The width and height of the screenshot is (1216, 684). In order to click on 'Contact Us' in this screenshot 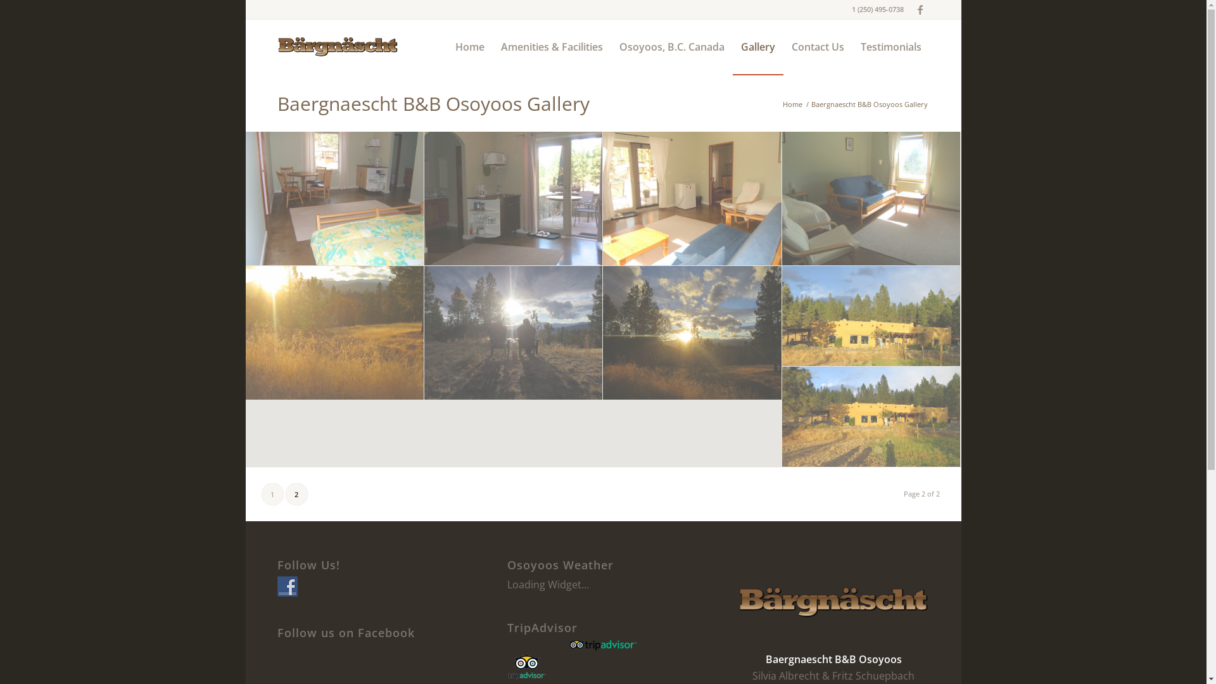, I will do `click(782, 46)`.